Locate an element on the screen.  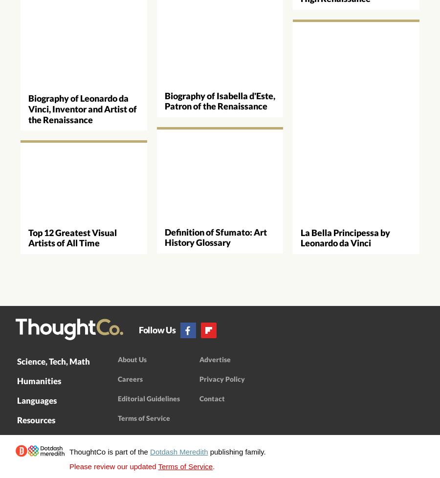
'Definition of Sfumato: Art History Glossary' is located at coordinates (215, 236).